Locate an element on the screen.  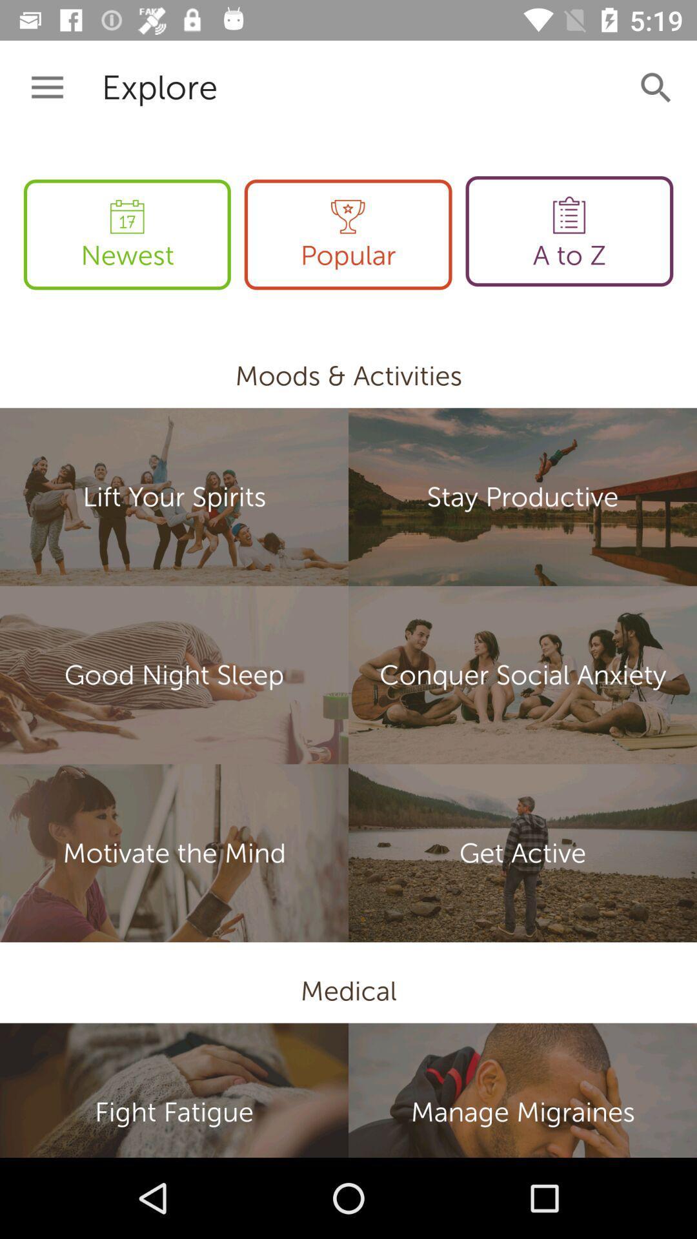
the item next to the popular item is located at coordinates (569, 231).